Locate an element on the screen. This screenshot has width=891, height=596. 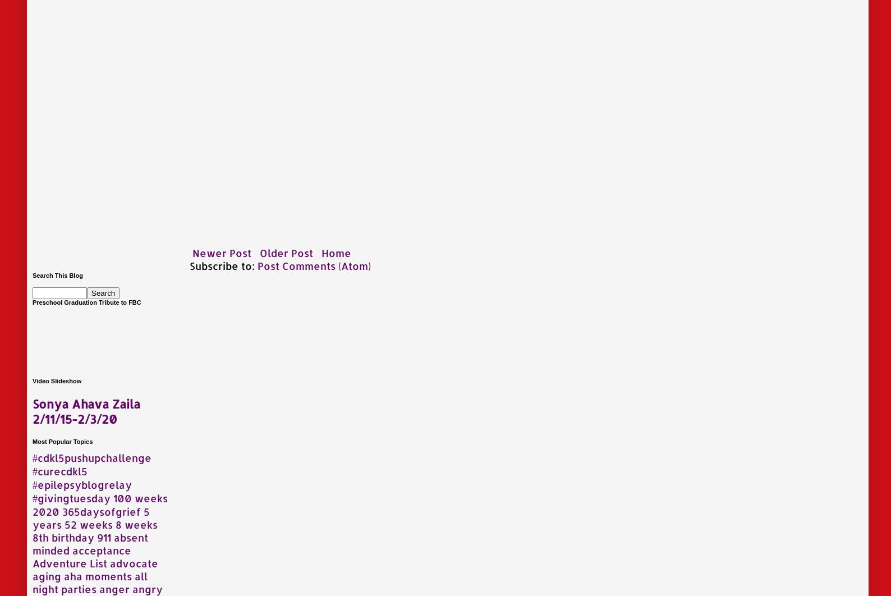
'Video Slideshow' is located at coordinates (32, 380).